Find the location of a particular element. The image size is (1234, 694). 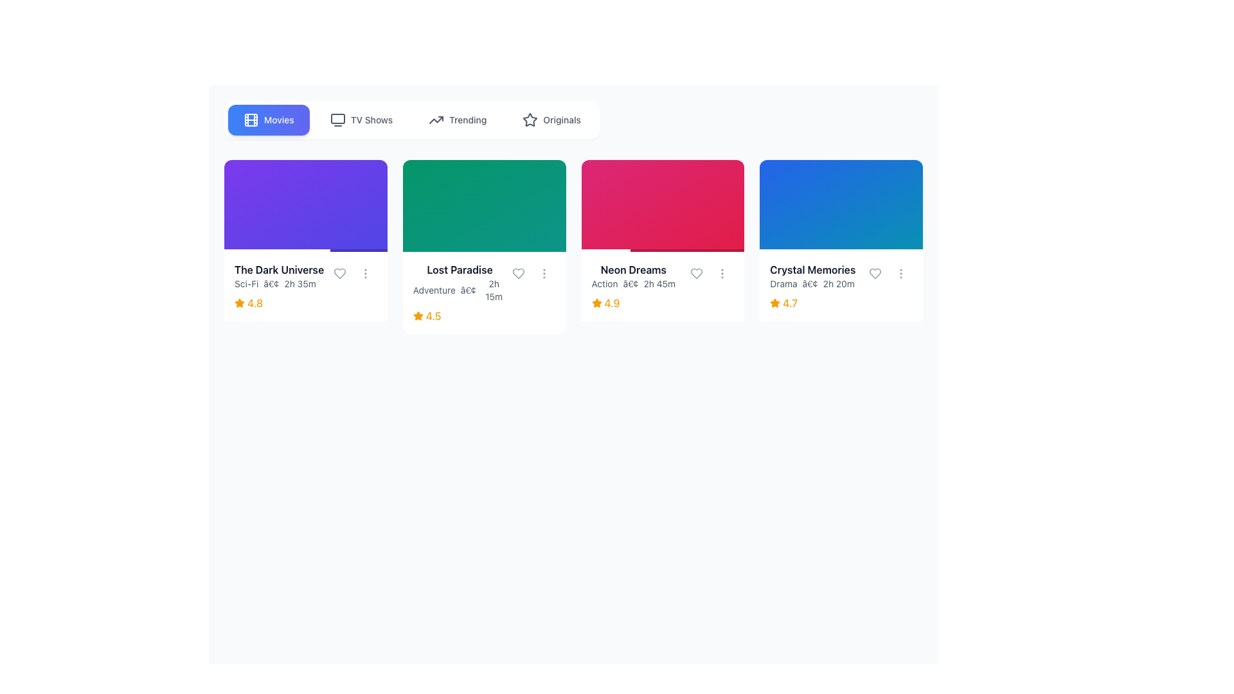

the Text label indicating the genre of the movie in the 'The Dark Universe' card is located at coordinates (246, 283).